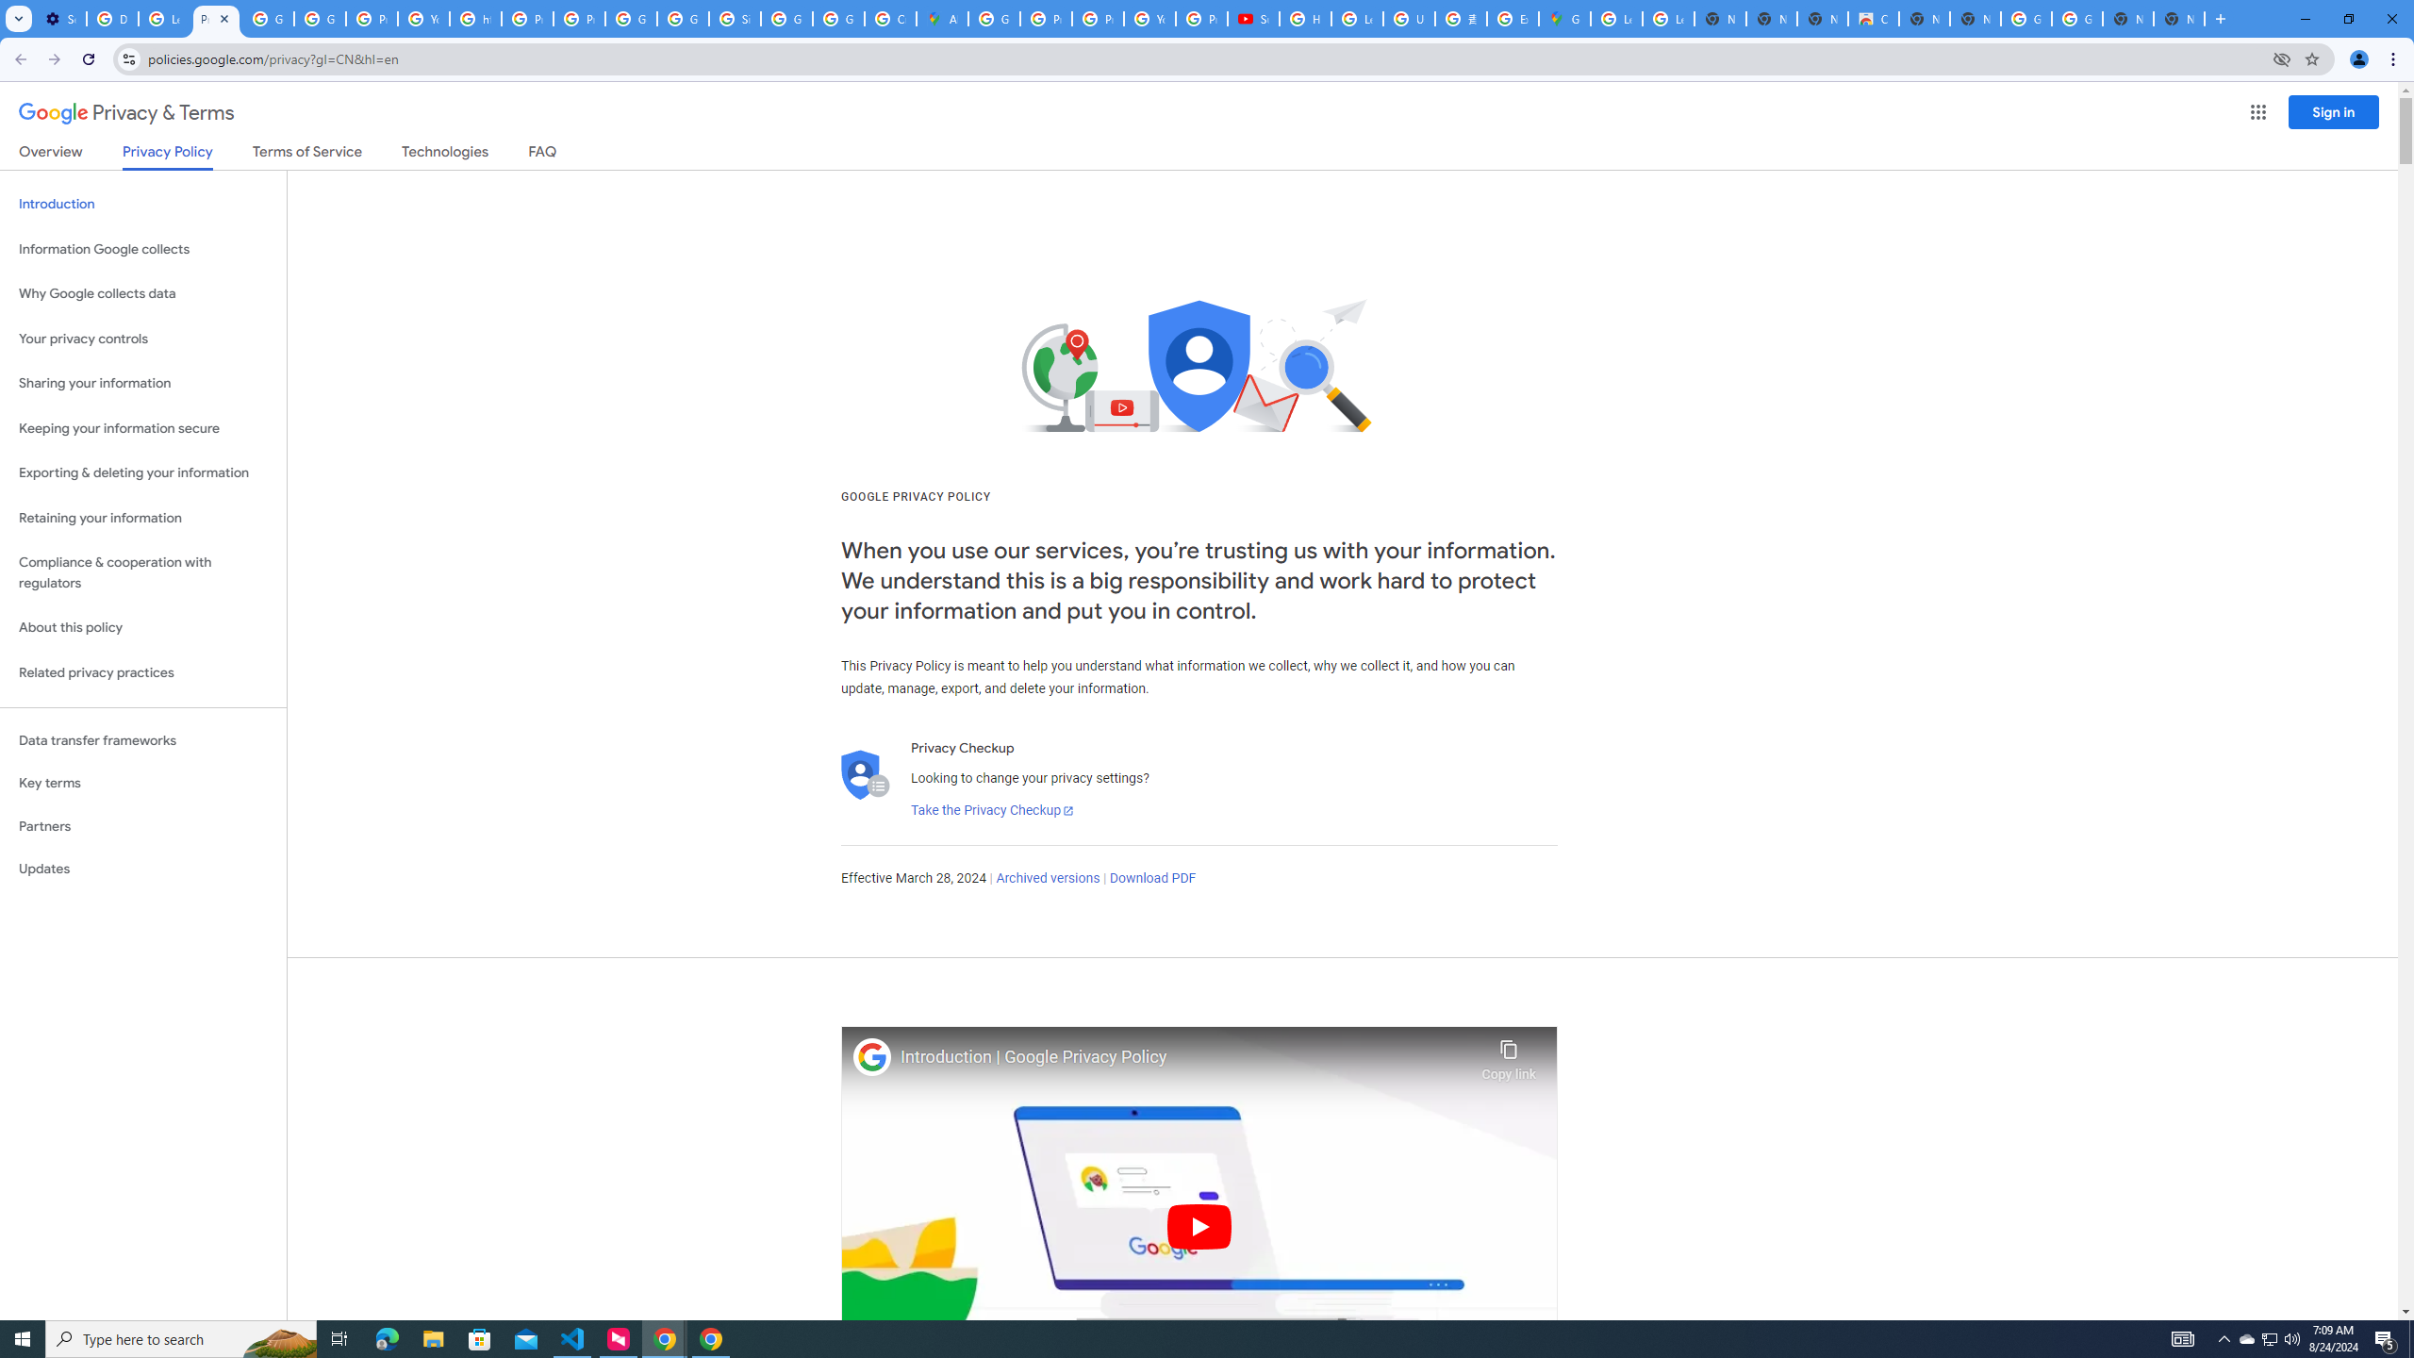 The height and width of the screenshot is (1358, 2414). What do you see at coordinates (142, 292) in the screenshot?
I see `'Why Google collects data'` at bounding box center [142, 292].